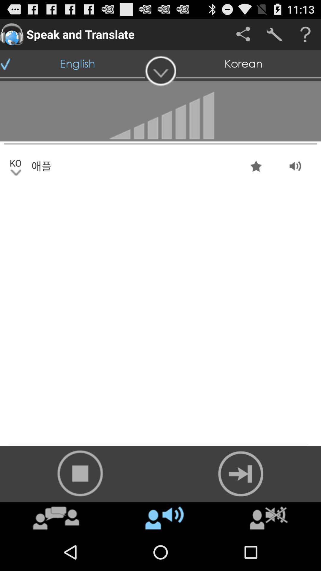 The image size is (321, 571). What do you see at coordinates (305, 34) in the screenshot?
I see `click for help` at bounding box center [305, 34].